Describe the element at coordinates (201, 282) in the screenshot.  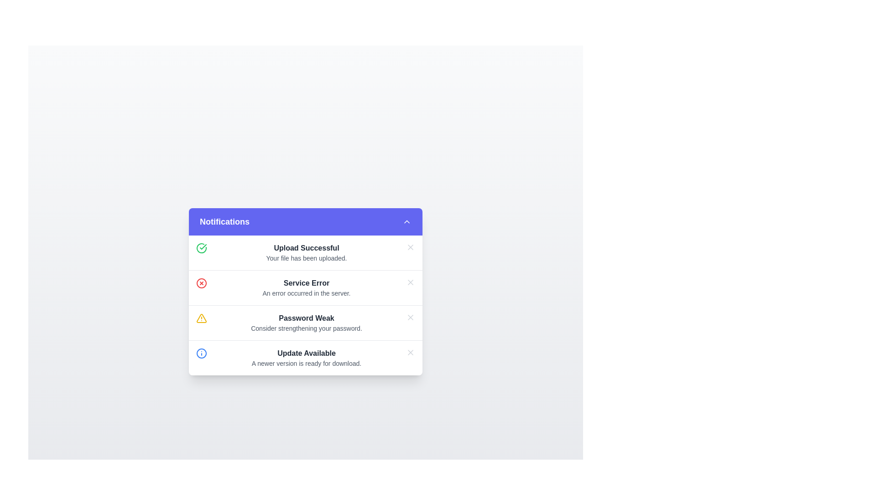
I see `the error icon representing a 'Service Error' in the notification list, located to the left of the error description text` at that location.